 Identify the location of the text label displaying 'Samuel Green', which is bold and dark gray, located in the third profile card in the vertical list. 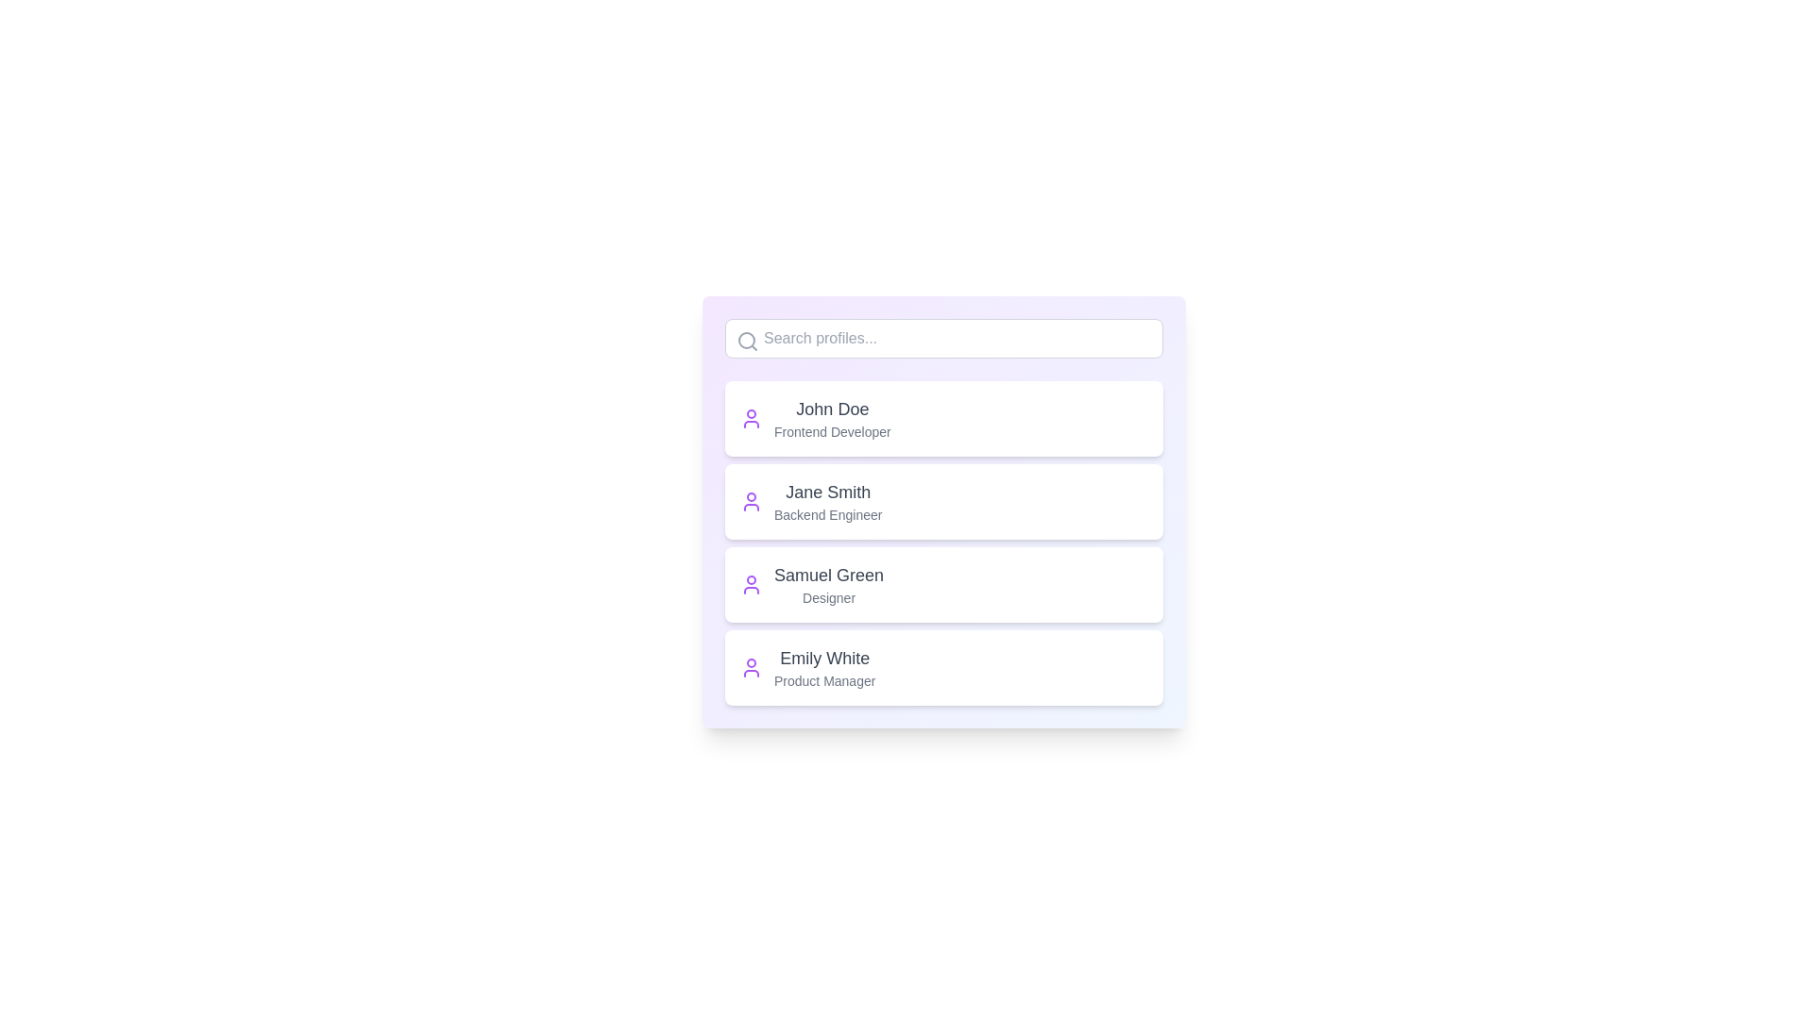
(829, 574).